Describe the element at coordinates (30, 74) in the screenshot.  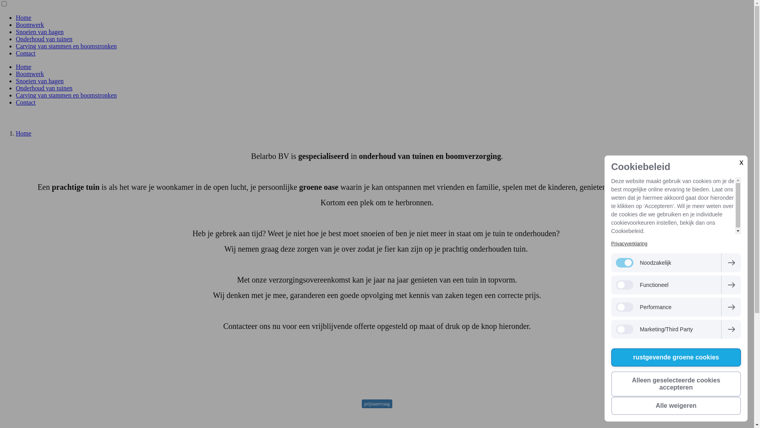
I see `'Boomwerk'` at that location.